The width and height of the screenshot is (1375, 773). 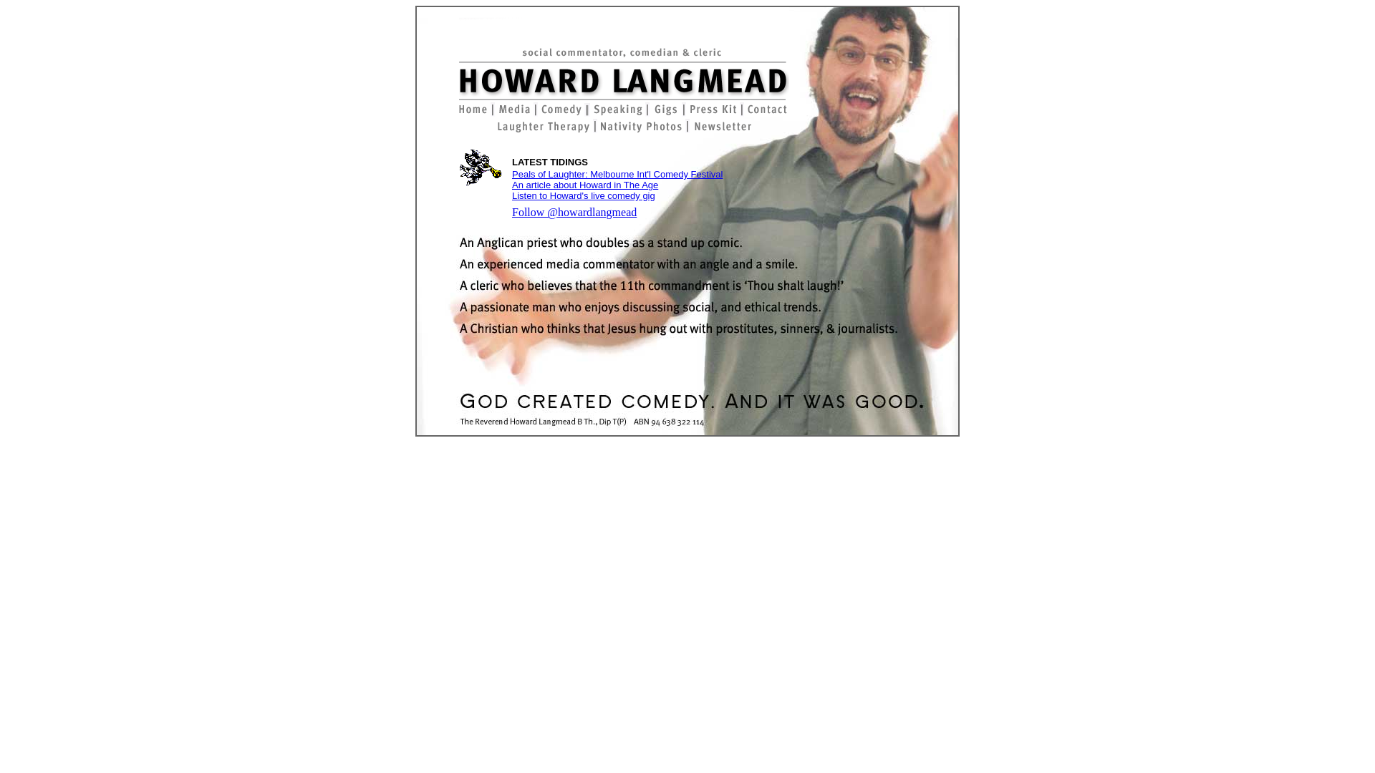 What do you see at coordinates (617, 173) in the screenshot?
I see `'Peals of Laughter: Melbourne Int'l Comedy Festival'` at bounding box center [617, 173].